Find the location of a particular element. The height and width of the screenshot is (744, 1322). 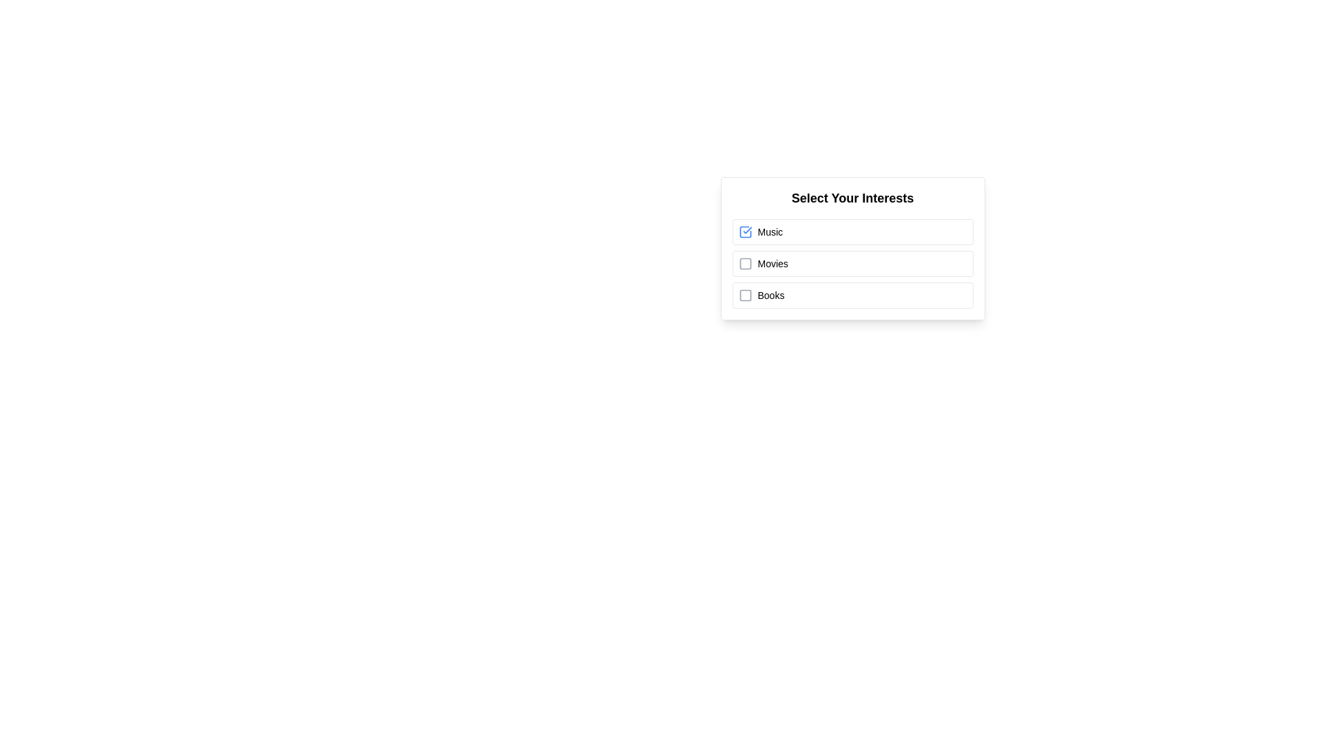

the 'Books' label in the third selectable item of the interests list, which is located to the right of the checkbox icon is located at coordinates (770, 294).